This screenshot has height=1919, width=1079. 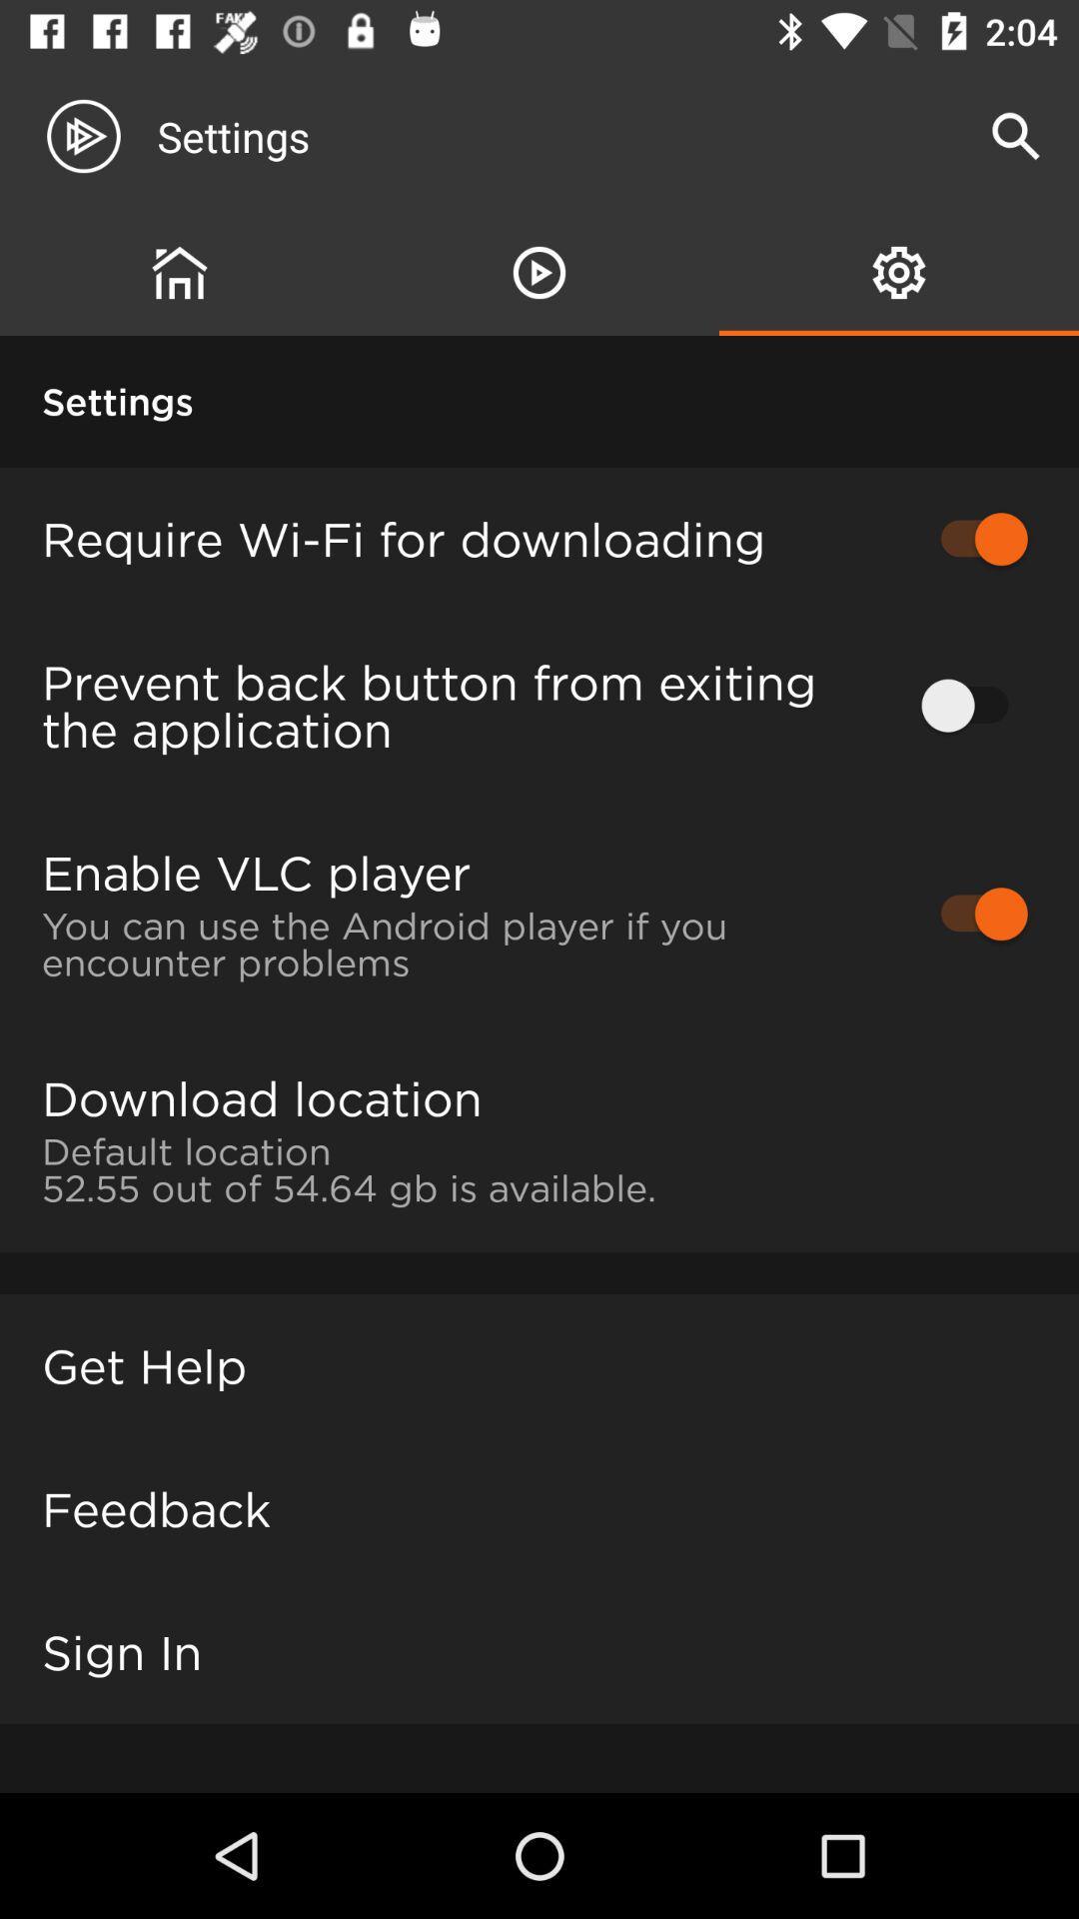 What do you see at coordinates (973, 539) in the screenshot?
I see `the first unable button` at bounding box center [973, 539].